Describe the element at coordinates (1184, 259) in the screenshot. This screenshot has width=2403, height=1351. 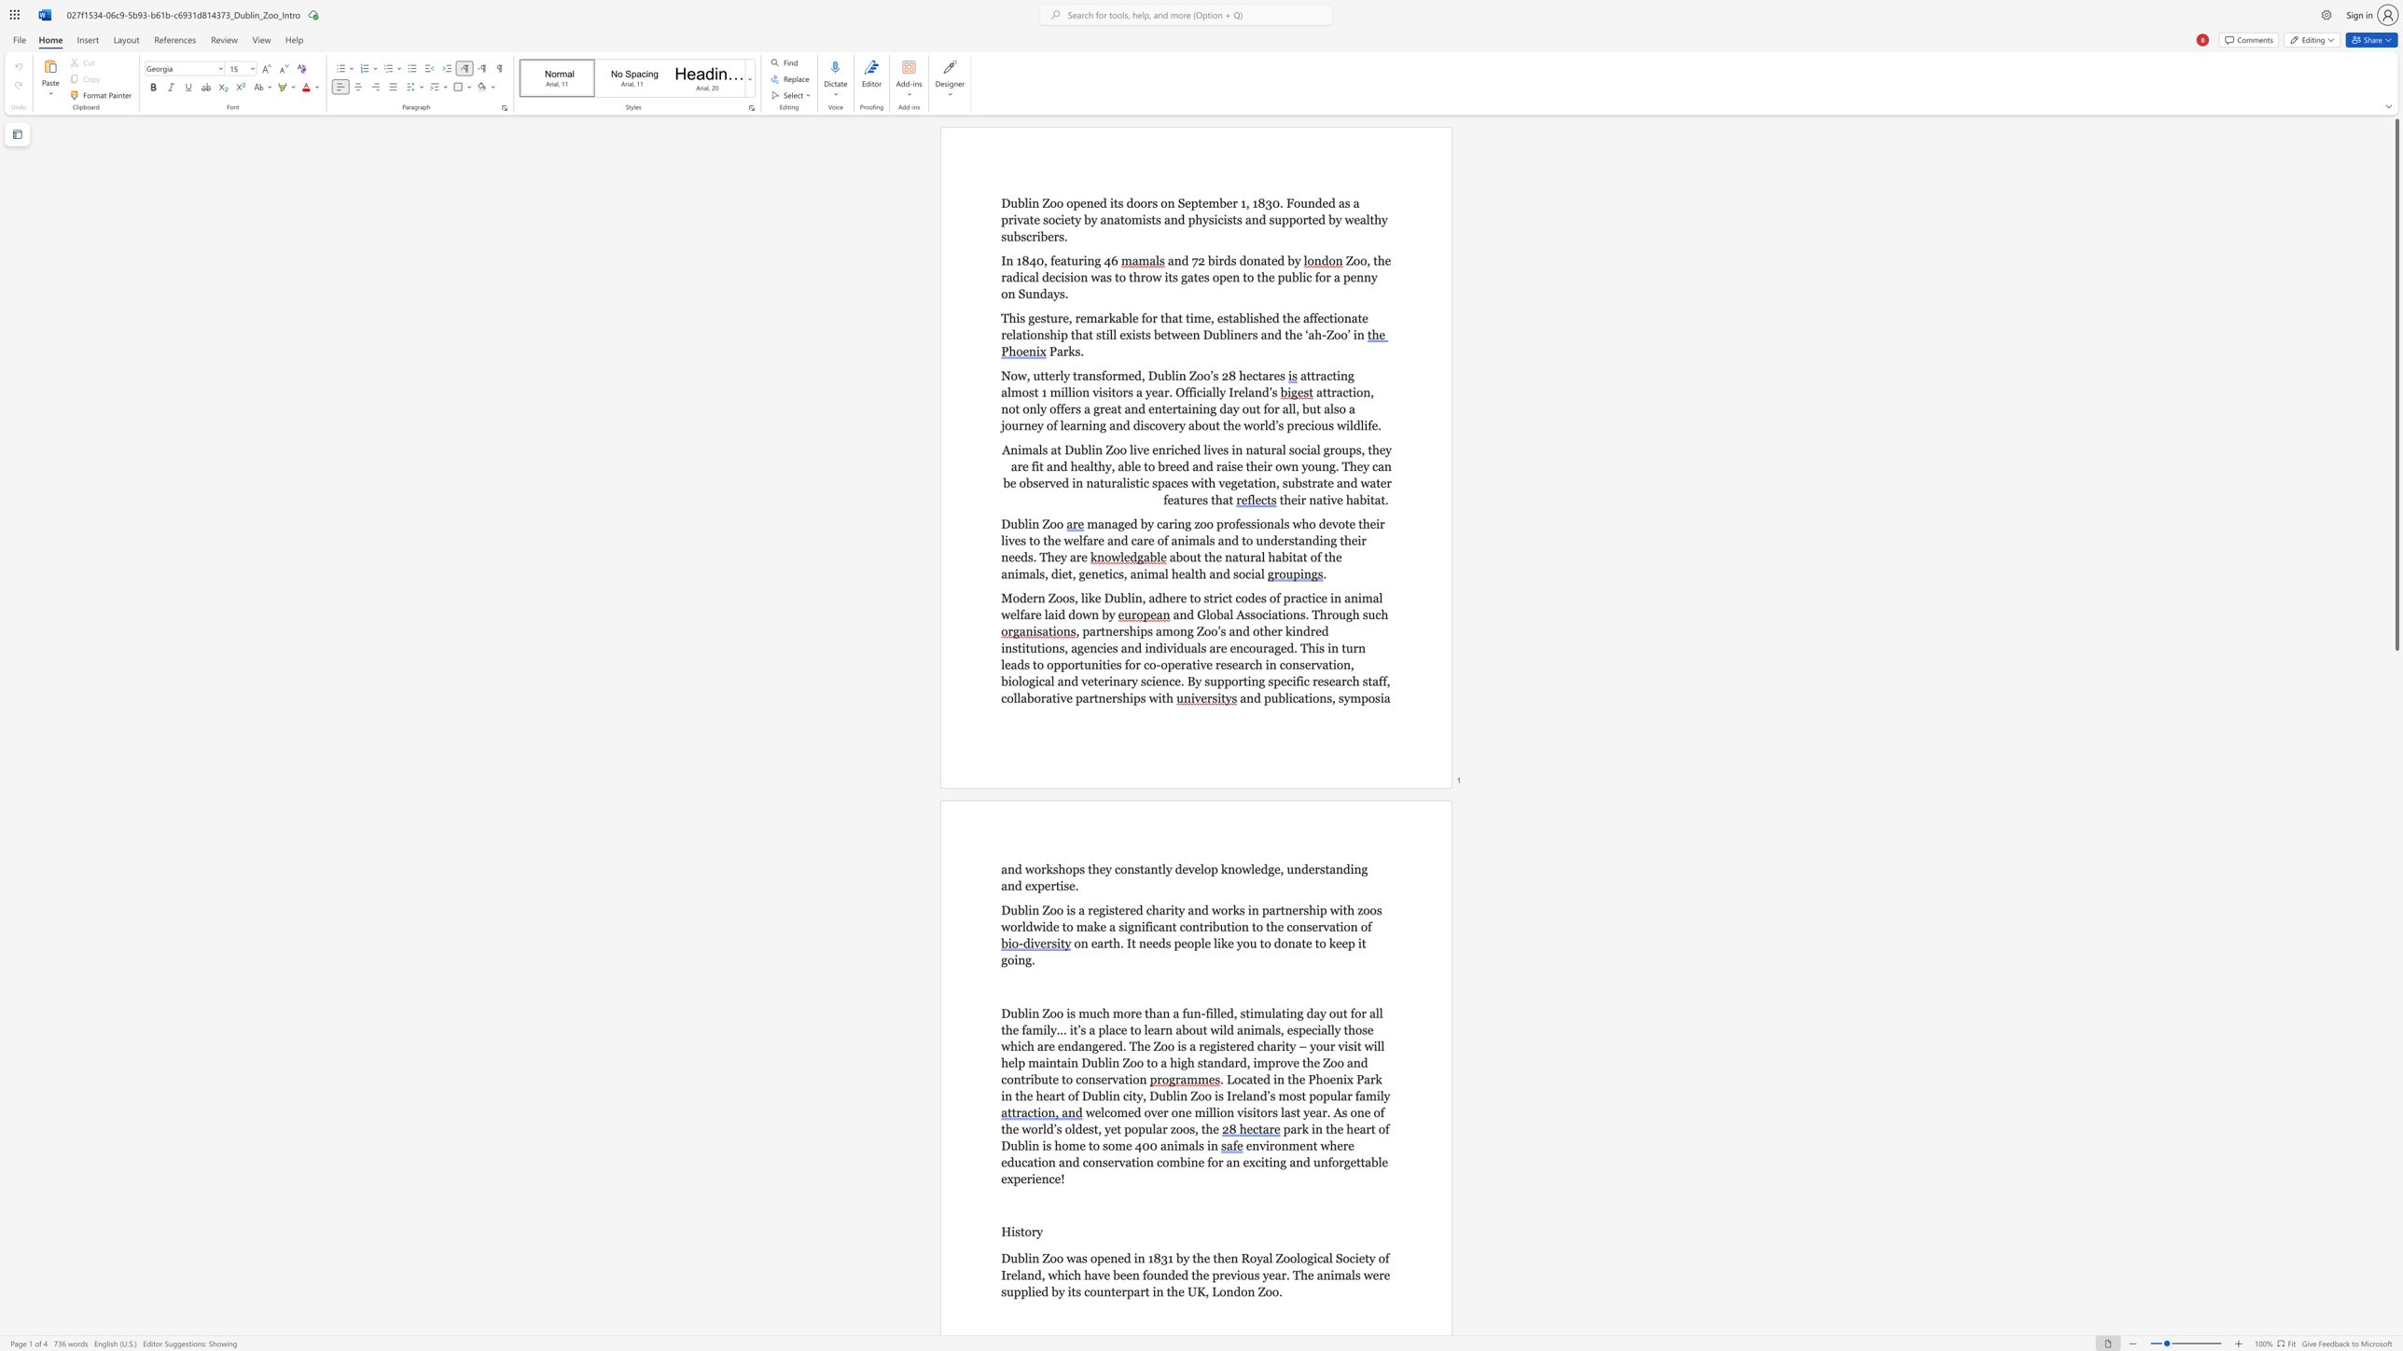
I see `the 1th character "d" in the text` at that location.